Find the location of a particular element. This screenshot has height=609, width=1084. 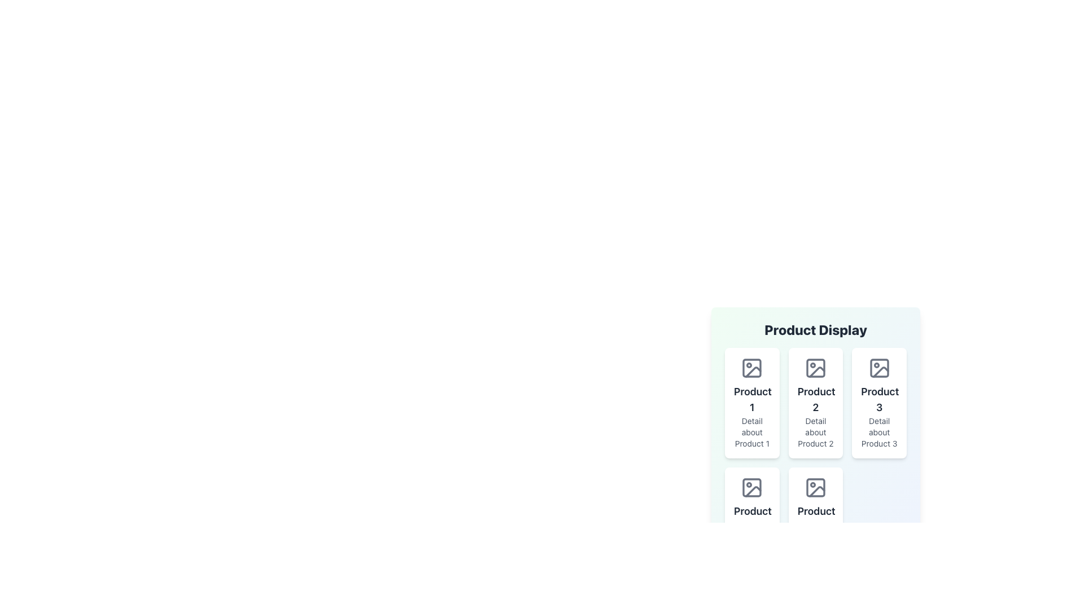

the product card titled 'Product 1', which features a white background, rounded corners, and contains the text 'Product 1' in bold and 'Detail about Product 1' below it is located at coordinates (752, 402).